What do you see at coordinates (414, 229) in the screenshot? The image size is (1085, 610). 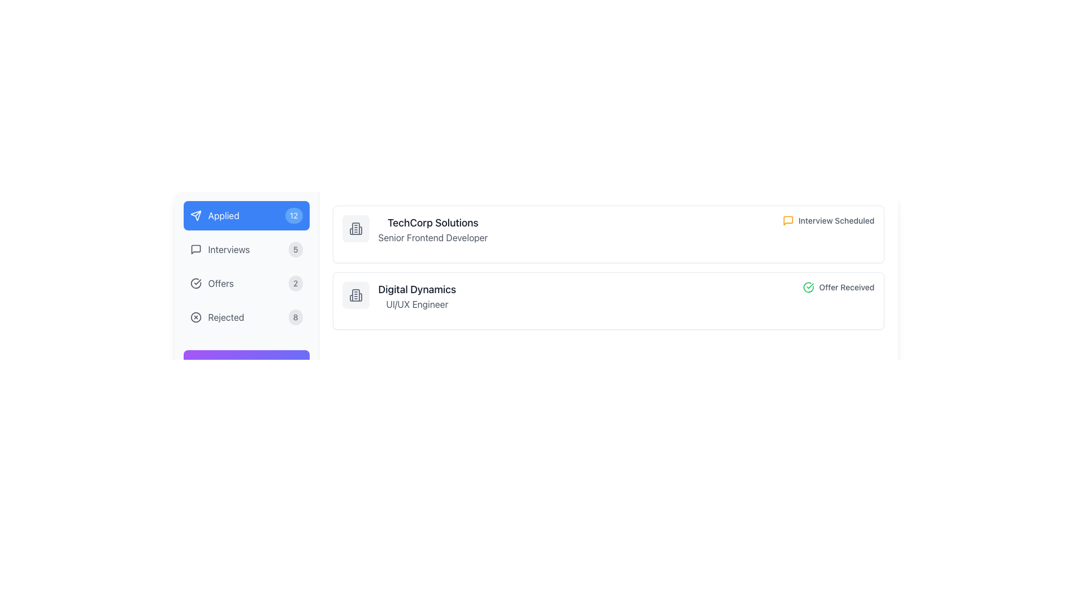 I see `the job listing text block that represents a specific job, located in the top-left section of the main body, adjacent to the left navigation panel, above the 'Digital Dynamics' job entry` at bounding box center [414, 229].